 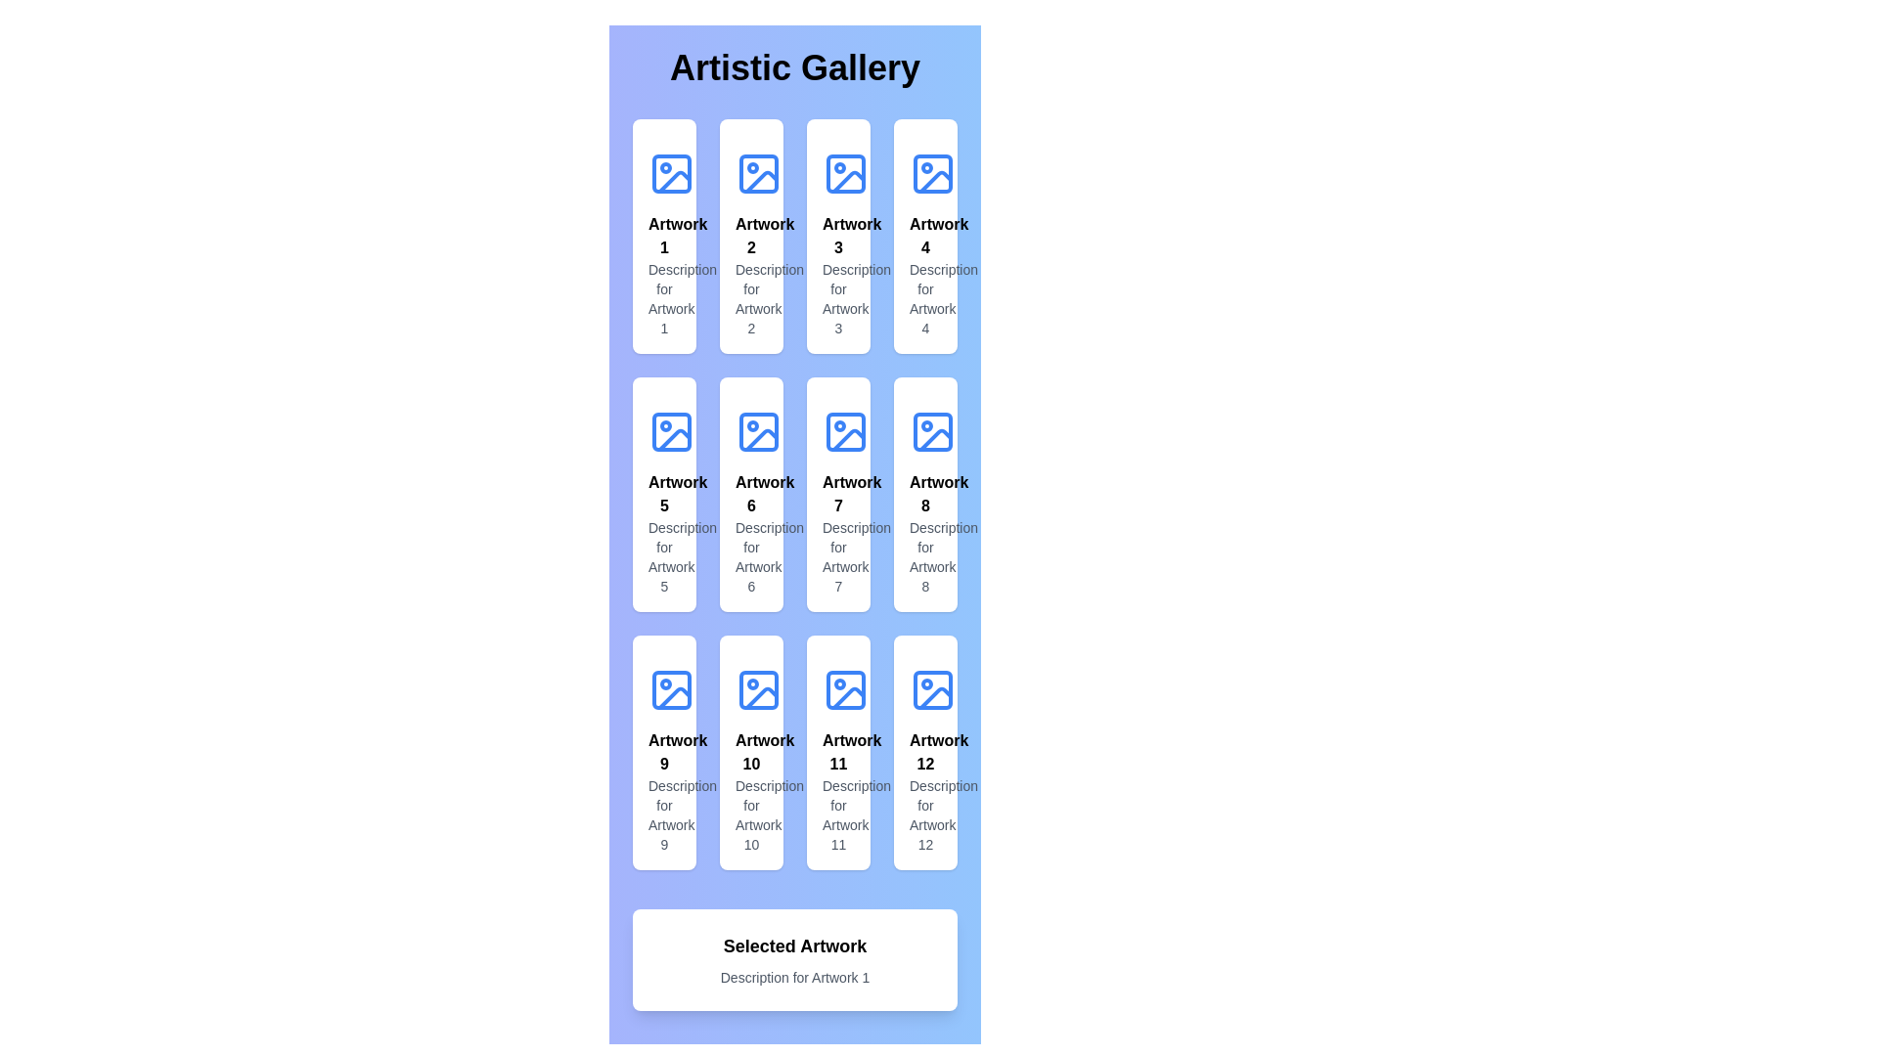 I want to click on the image placeholder icon for 'Artwork 10', so click(x=758, y=688).